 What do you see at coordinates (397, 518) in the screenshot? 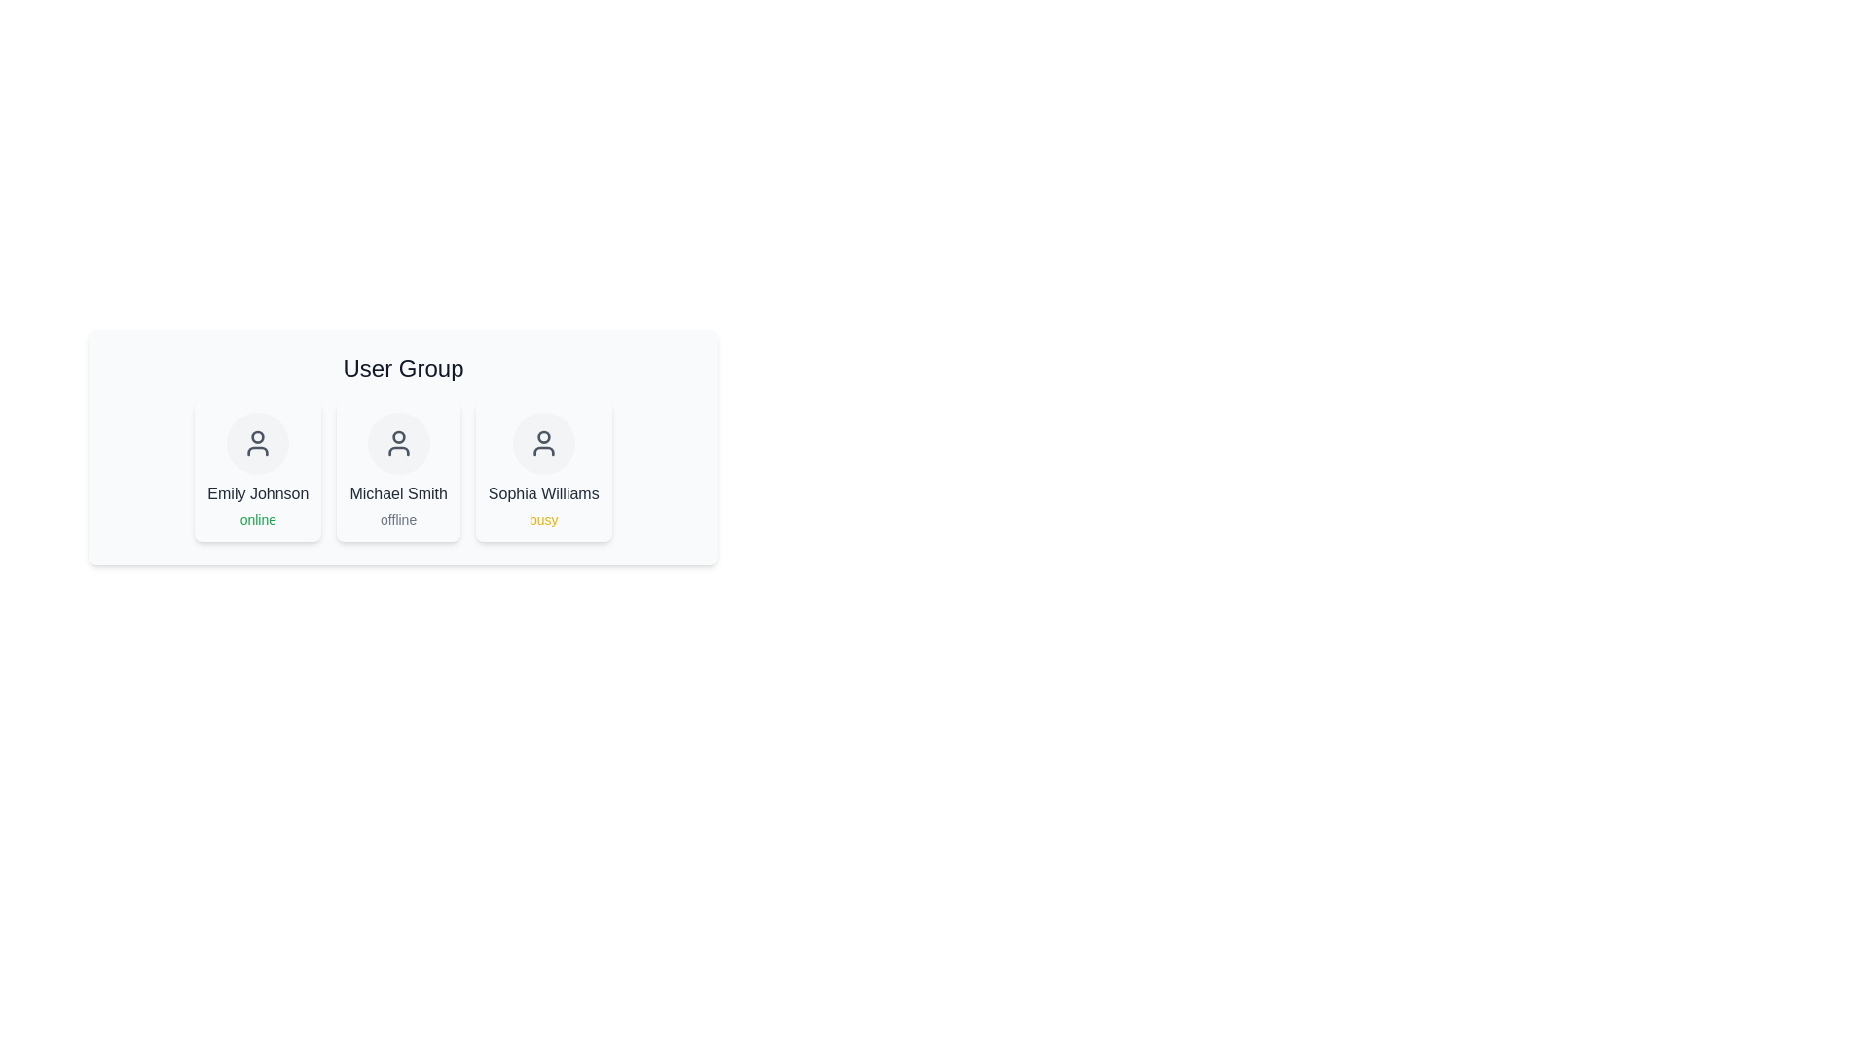
I see `text label displaying the status 'offline' located beneath the name 'Michael Smith' in the user card interface` at bounding box center [397, 518].